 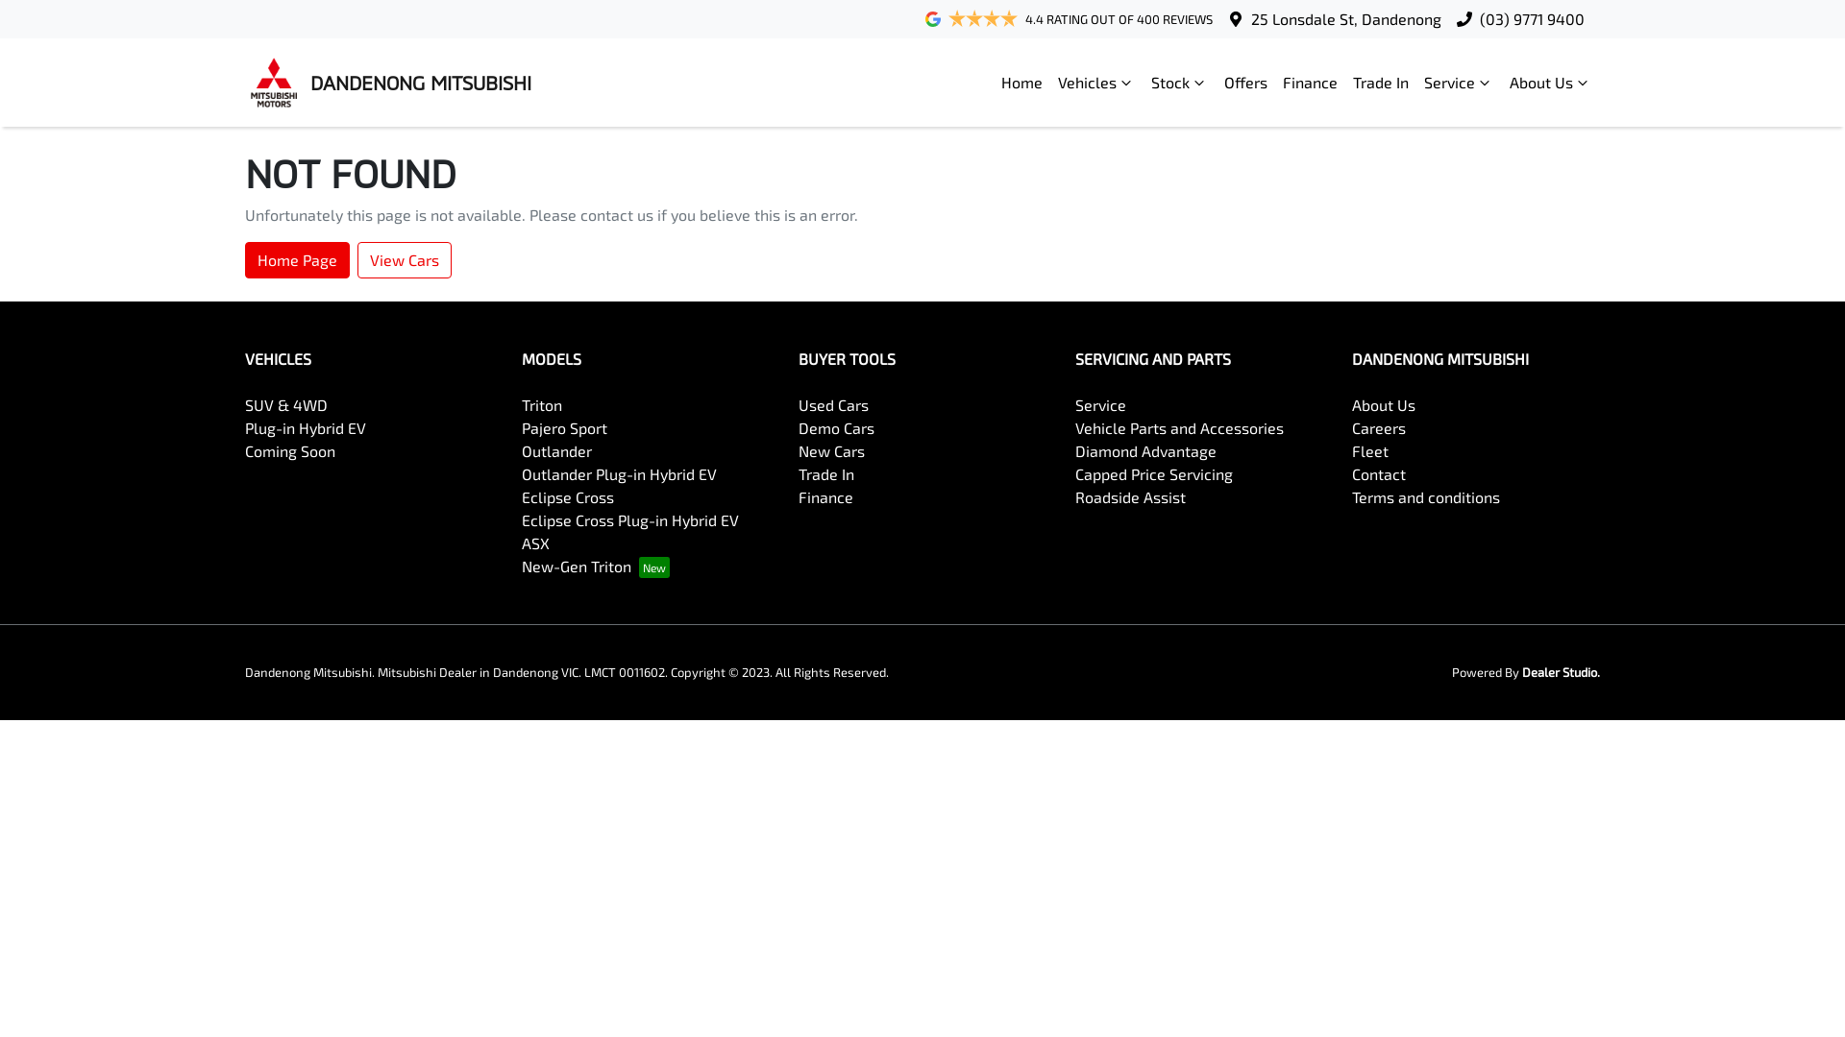 What do you see at coordinates (566, 495) in the screenshot?
I see `'Eclipse Cross'` at bounding box center [566, 495].